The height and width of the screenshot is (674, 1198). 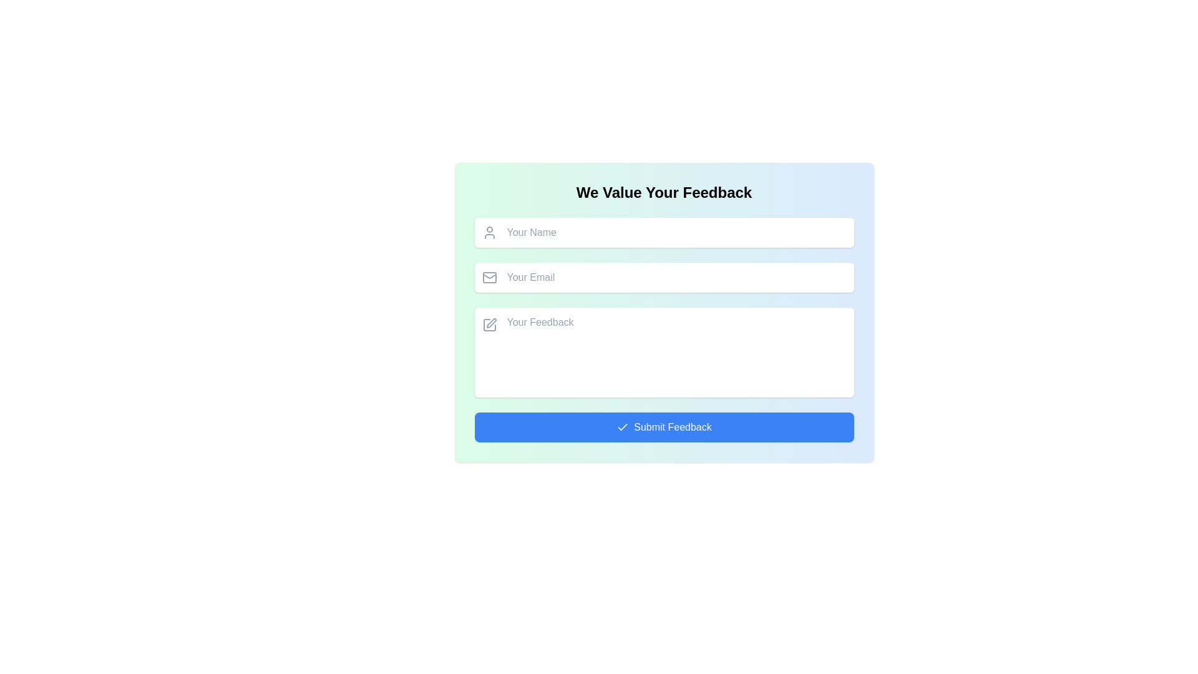 I want to click on the pen icon located within the 'Your Feedback' input field in the feedback form, which is styled in grayscale and has a squarish outline, so click(x=490, y=322).